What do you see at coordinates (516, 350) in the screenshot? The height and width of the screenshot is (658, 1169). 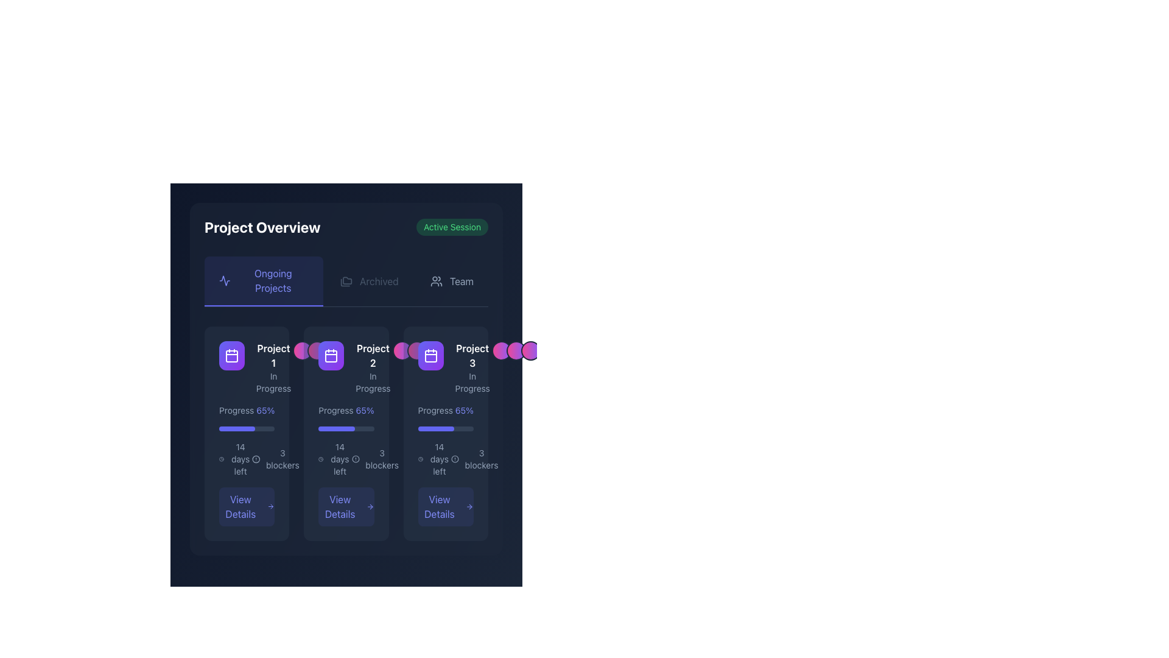 I see `the second decorative icon or badge, which is a circular component with a gradient background transitioning from pink to violet, located at the bottom right of the 'Project 3' section in the 'Project Overview' interface` at bounding box center [516, 350].